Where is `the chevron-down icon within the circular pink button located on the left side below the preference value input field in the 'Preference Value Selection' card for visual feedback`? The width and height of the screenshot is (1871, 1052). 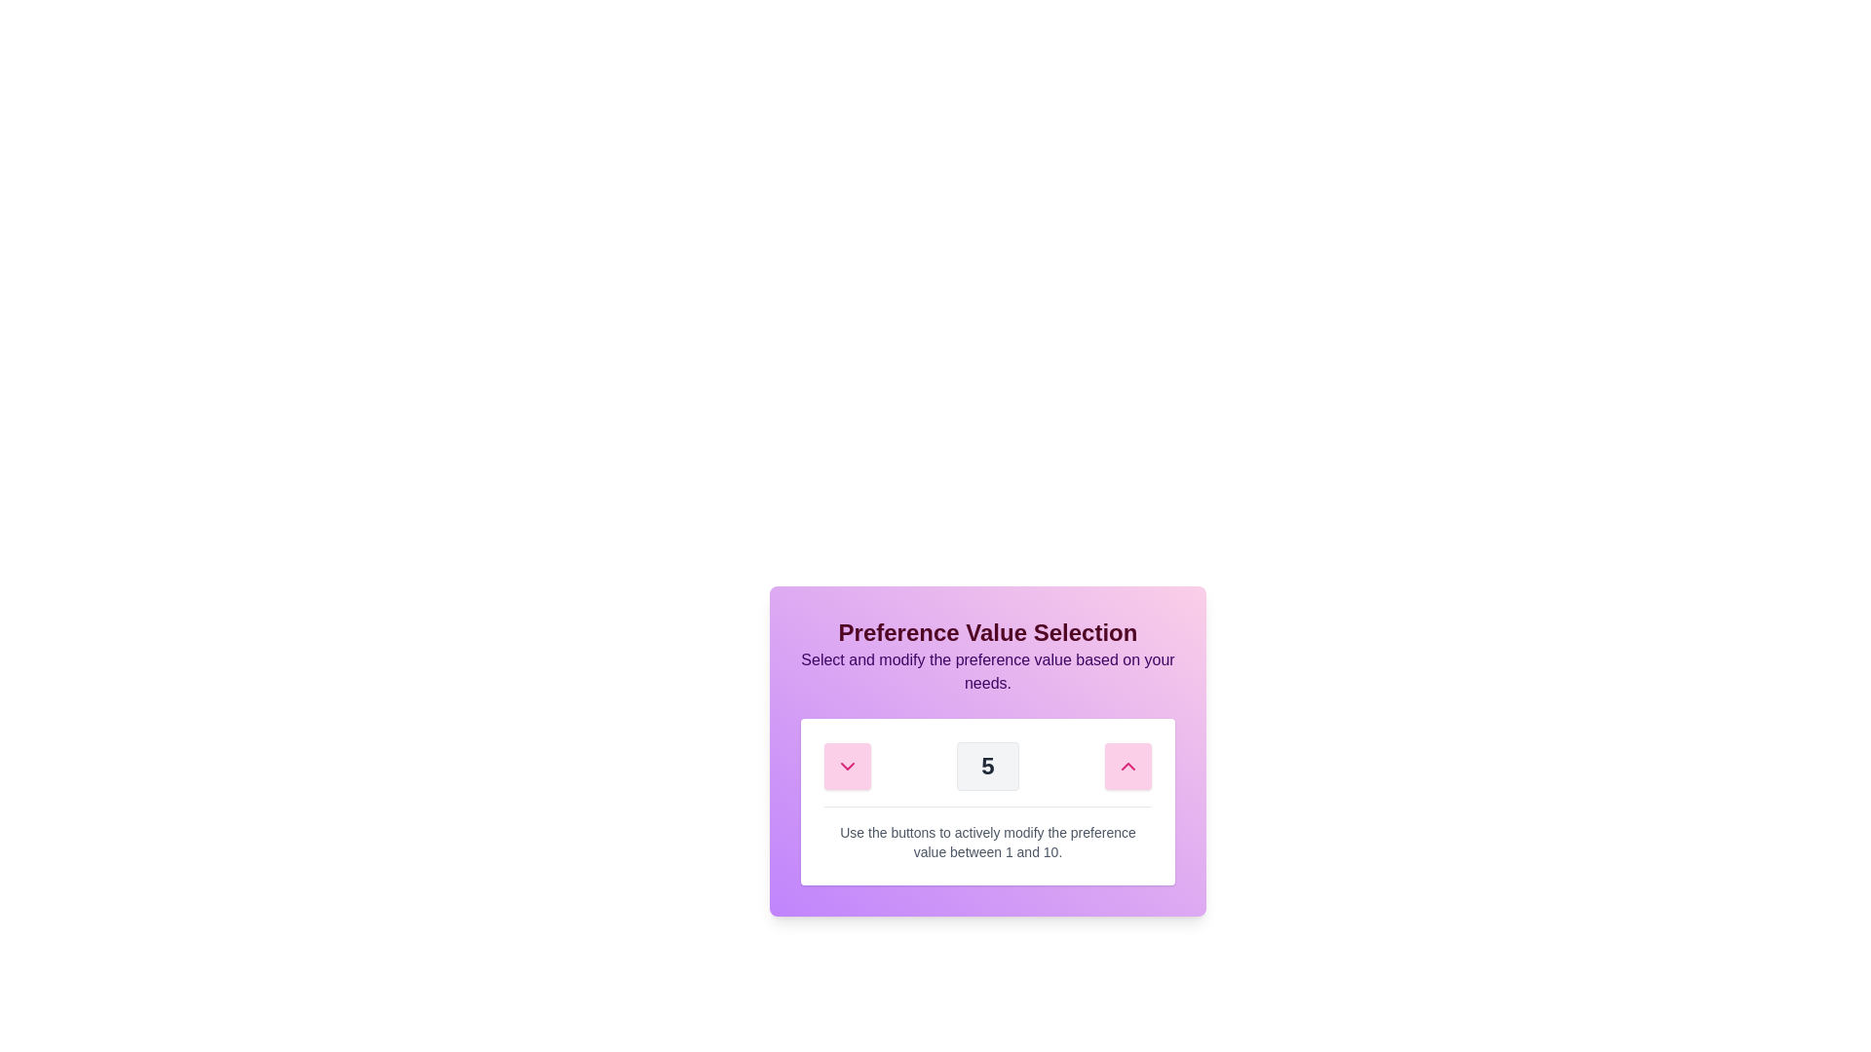 the chevron-down icon within the circular pink button located on the left side below the preference value input field in the 'Preference Value Selection' card for visual feedback is located at coordinates (847, 765).